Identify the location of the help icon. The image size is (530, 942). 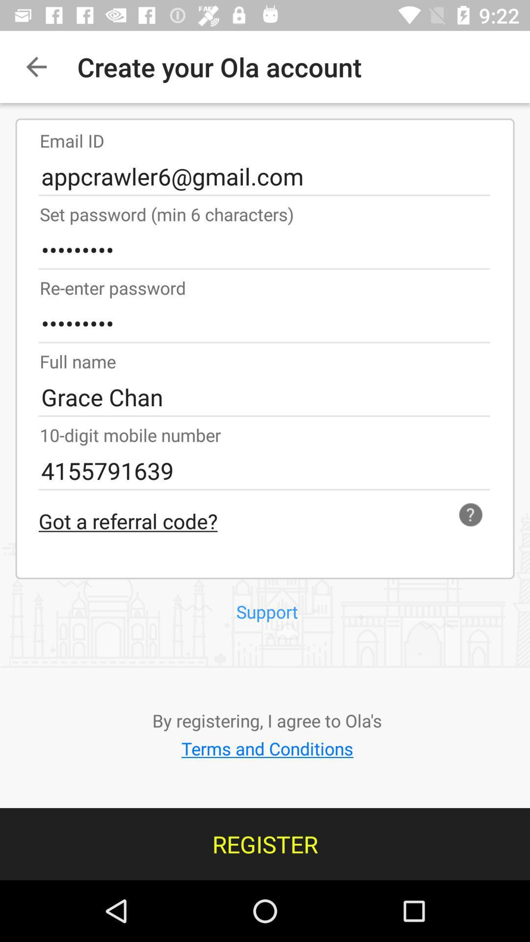
(474, 514).